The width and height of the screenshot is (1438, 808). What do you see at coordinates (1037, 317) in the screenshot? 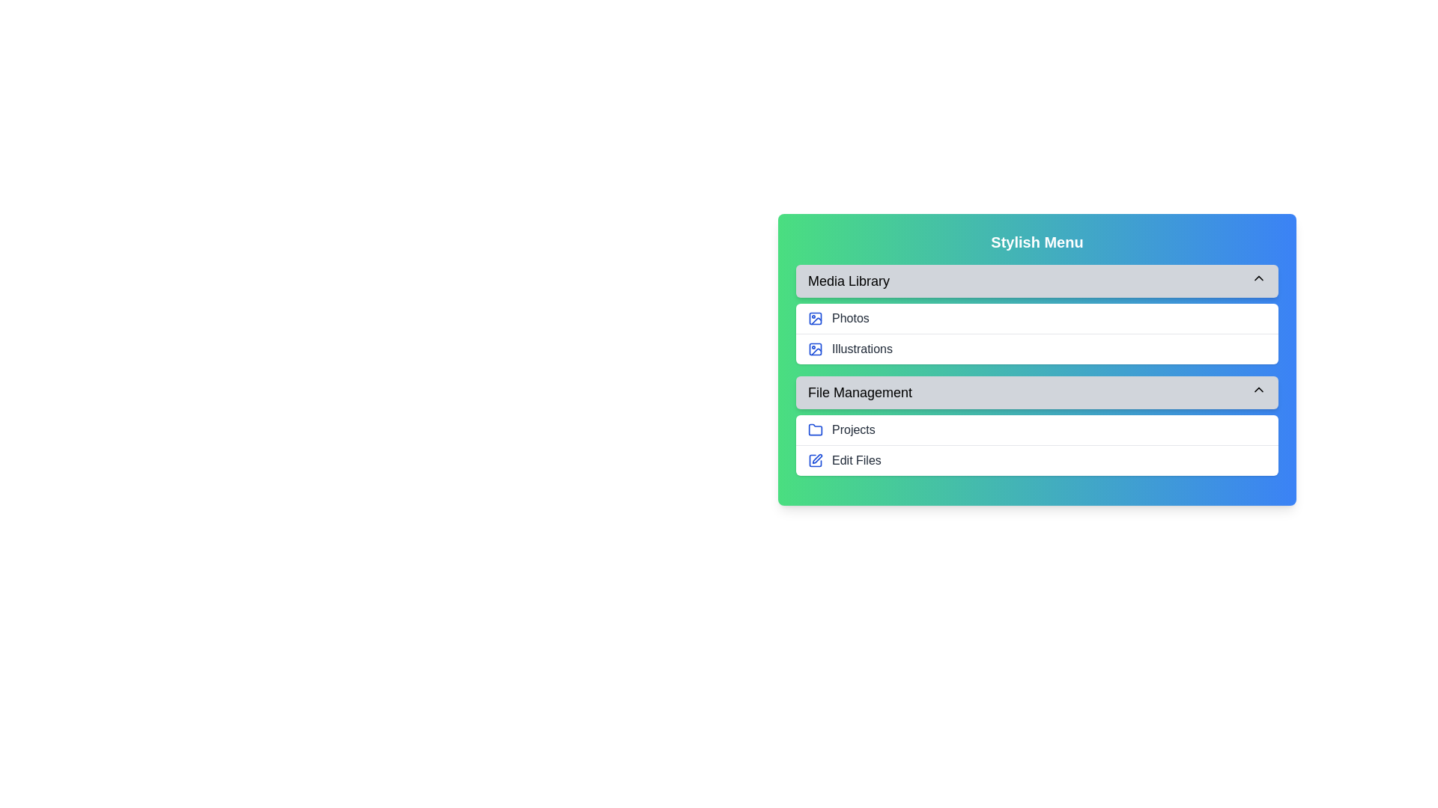
I see `the 'Photos' menu item located under the 'Media Library' section` at bounding box center [1037, 317].